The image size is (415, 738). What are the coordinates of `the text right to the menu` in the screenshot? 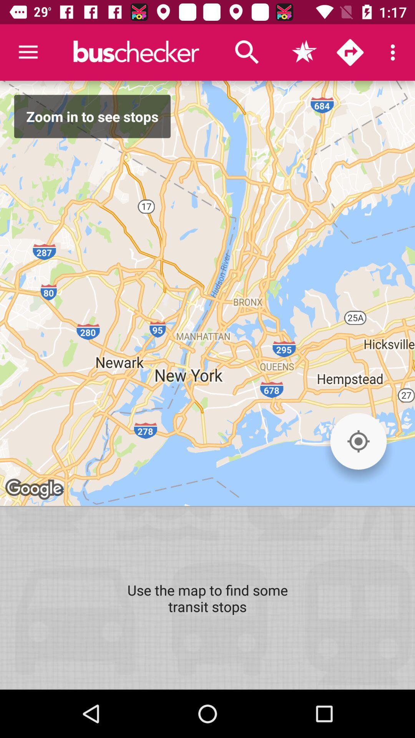 It's located at (136, 52).